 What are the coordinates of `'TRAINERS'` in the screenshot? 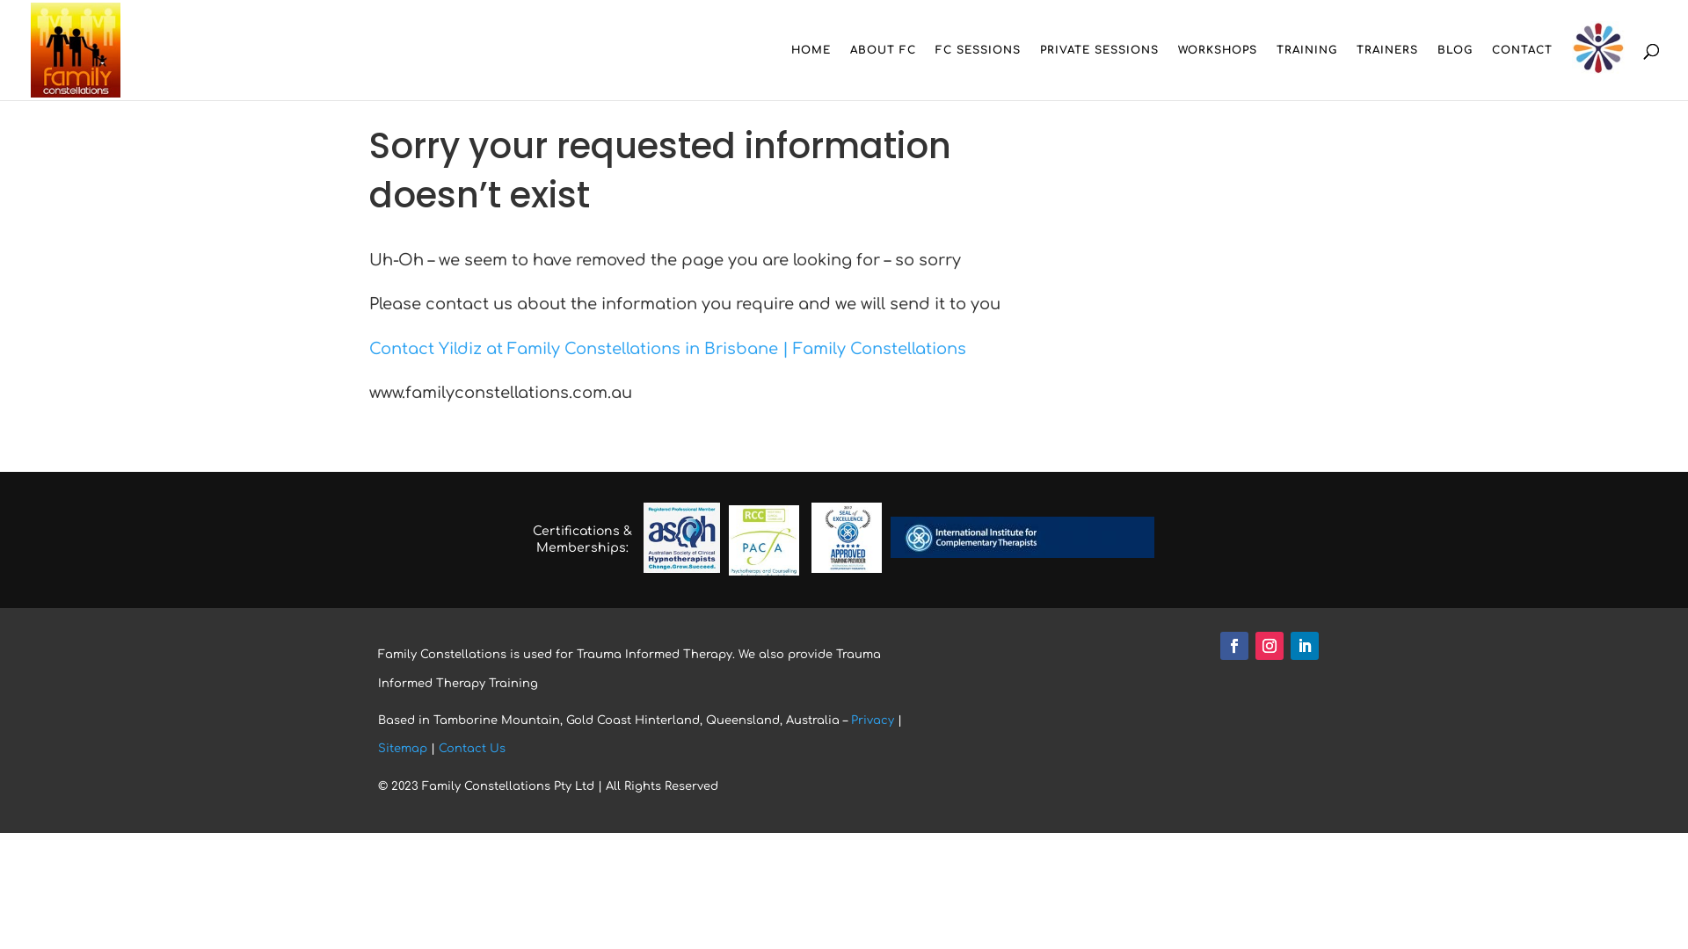 It's located at (1386, 70).